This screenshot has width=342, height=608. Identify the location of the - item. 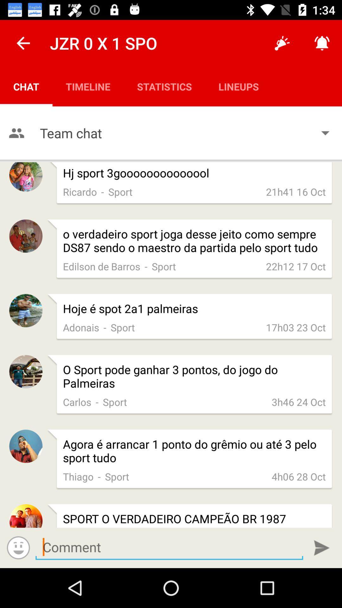
(99, 476).